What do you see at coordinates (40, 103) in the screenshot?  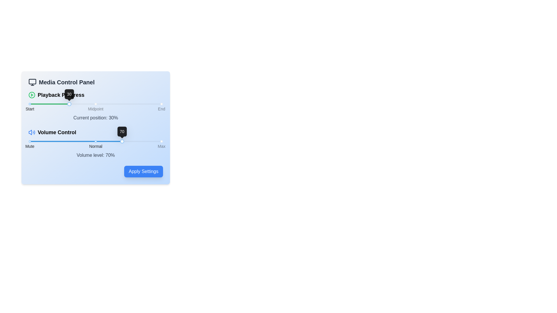 I see `playback progress` at bounding box center [40, 103].